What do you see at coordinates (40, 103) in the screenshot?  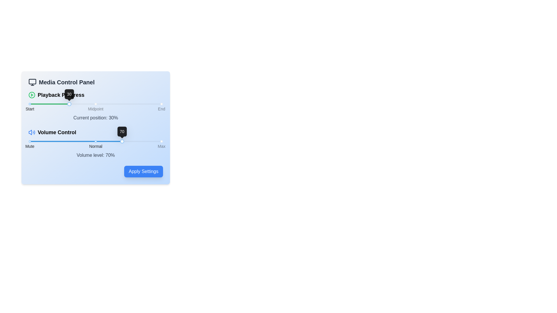 I see `playback progress` at bounding box center [40, 103].